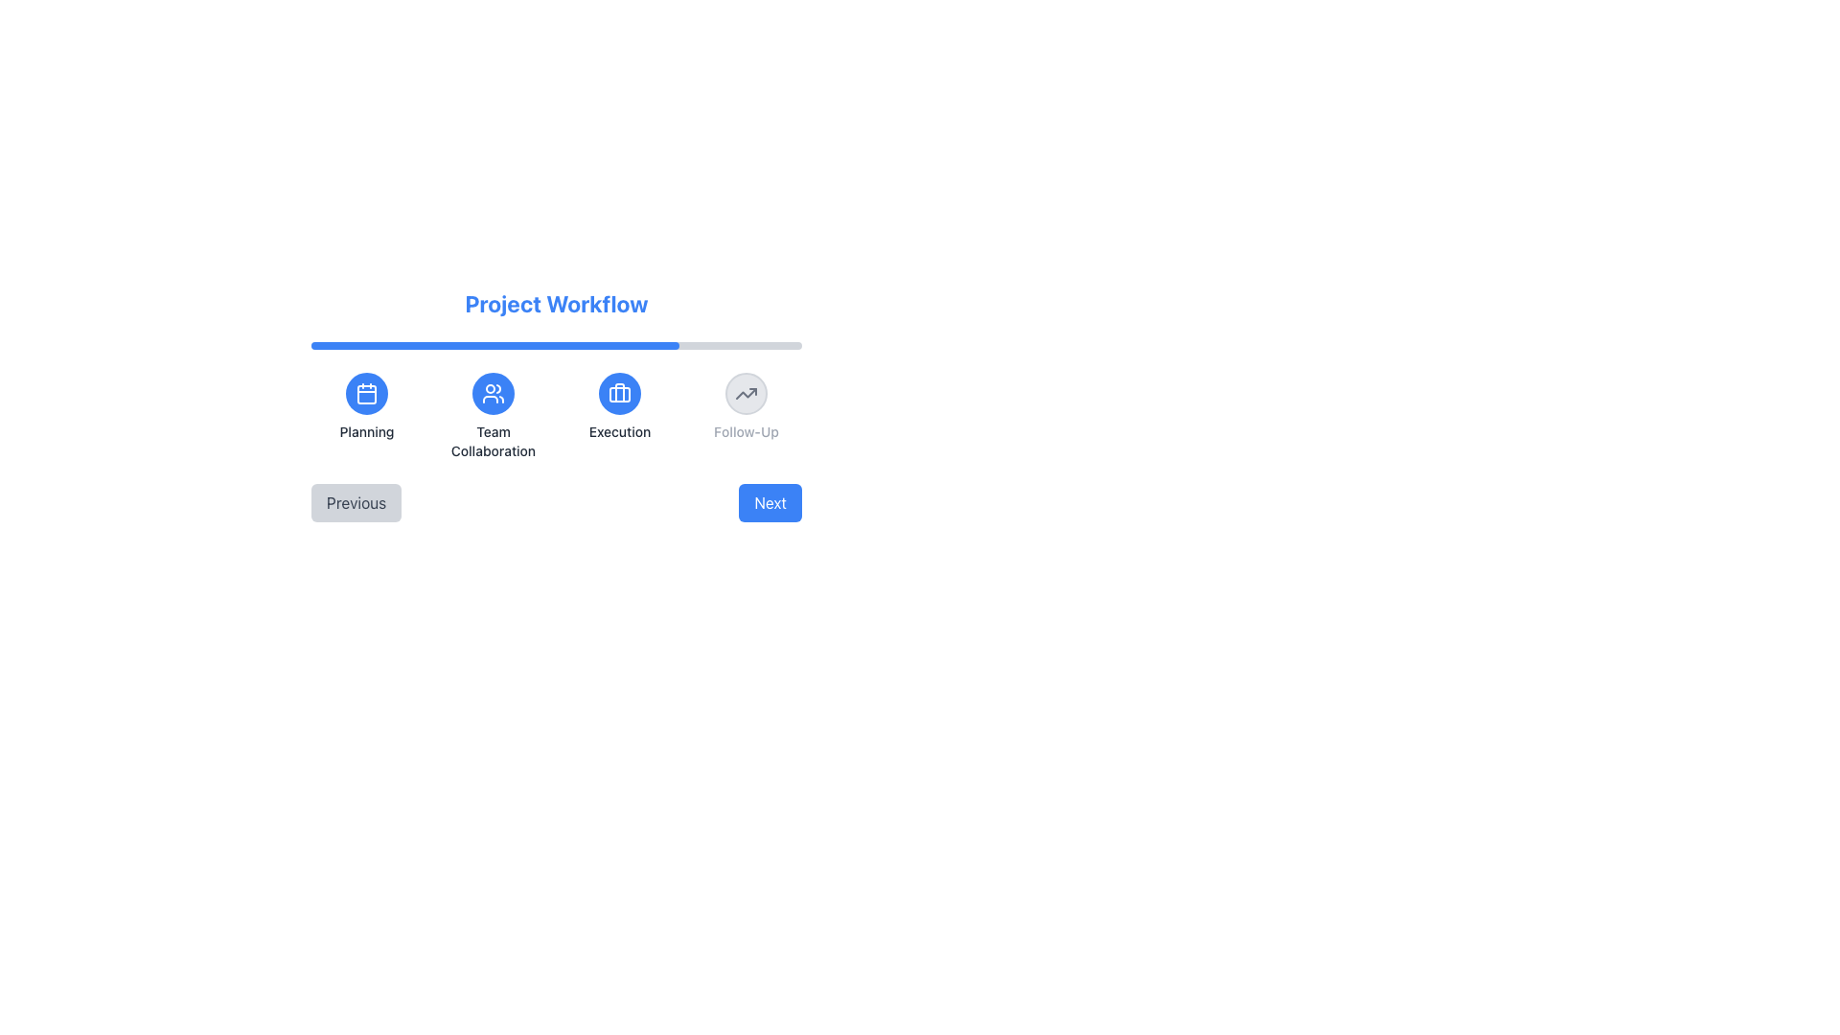 The width and height of the screenshot is (1840, 1035). I want to click on the 'Next' button, a blue rectangular button with white text, located in the bottom-right corner of the interface, so click(770, 501).